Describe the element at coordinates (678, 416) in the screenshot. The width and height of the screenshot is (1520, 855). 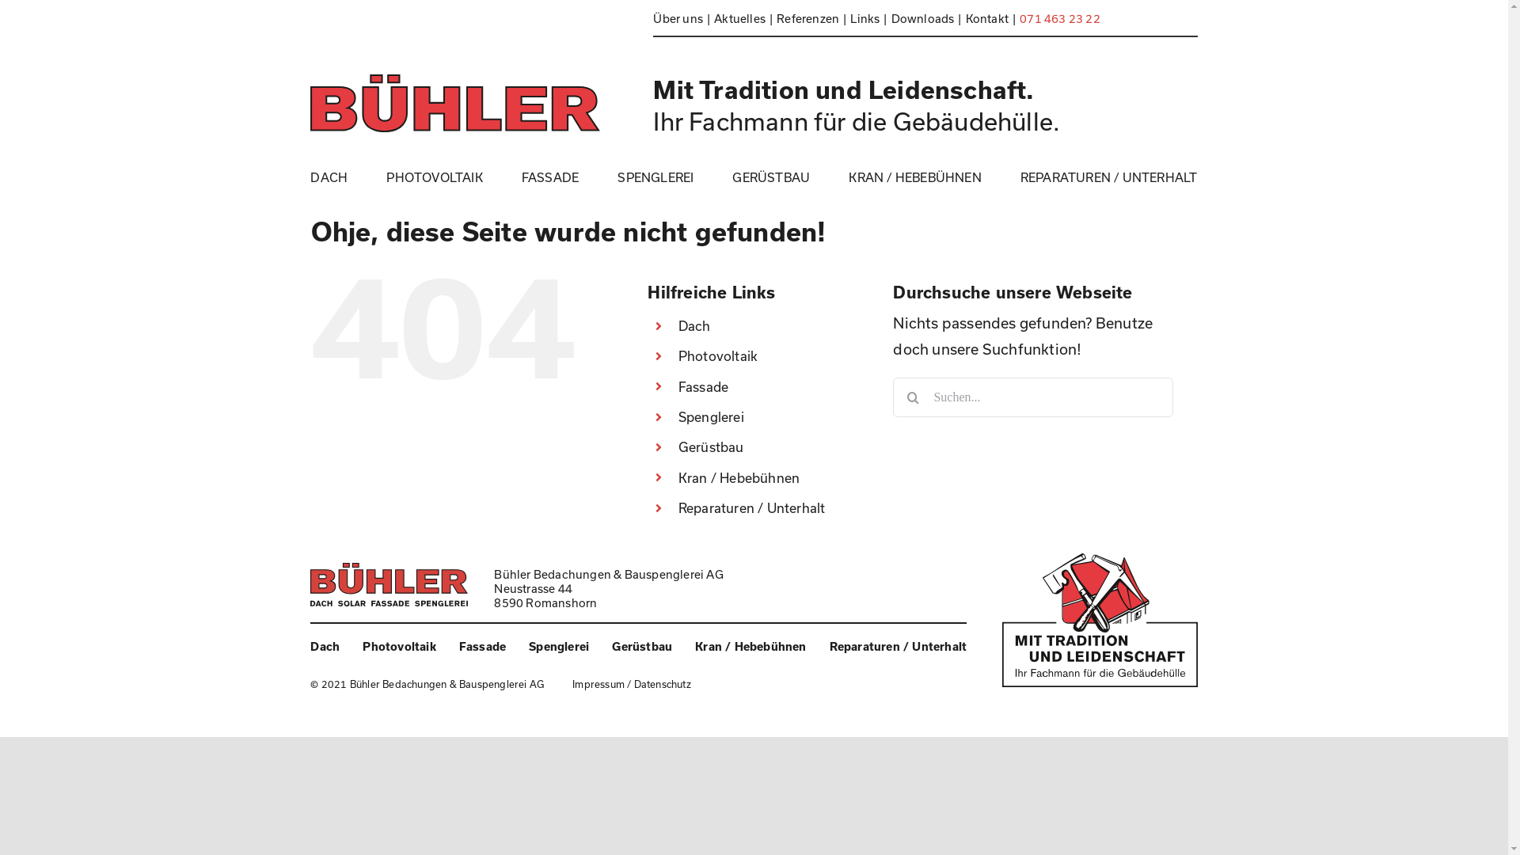
I see `'Spenglerei'` at that location.